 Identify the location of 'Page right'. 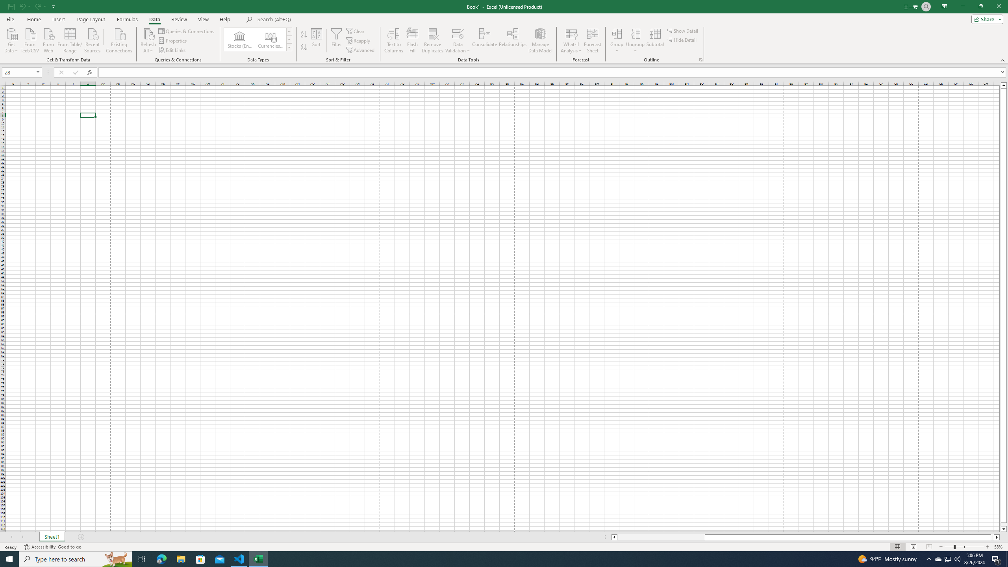
(992, 537).